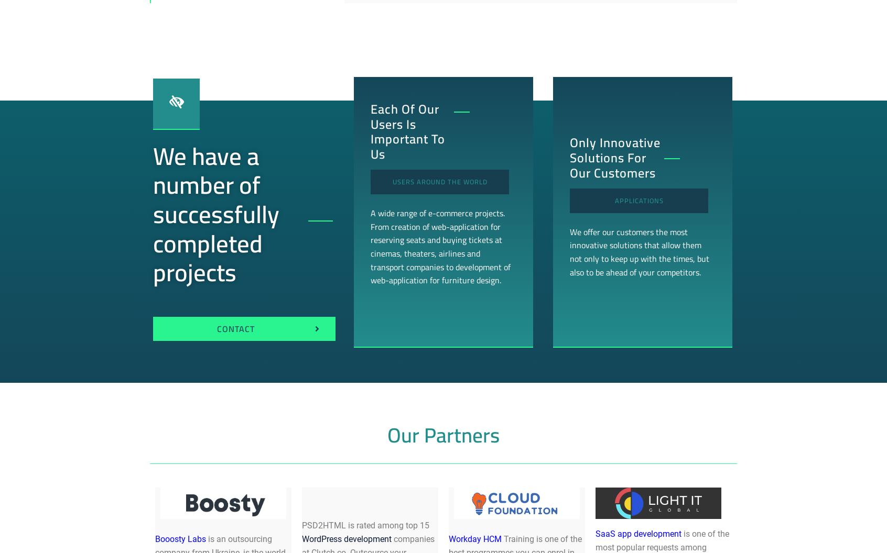  I want to click on 'Workday HCM', so click(474, 538).